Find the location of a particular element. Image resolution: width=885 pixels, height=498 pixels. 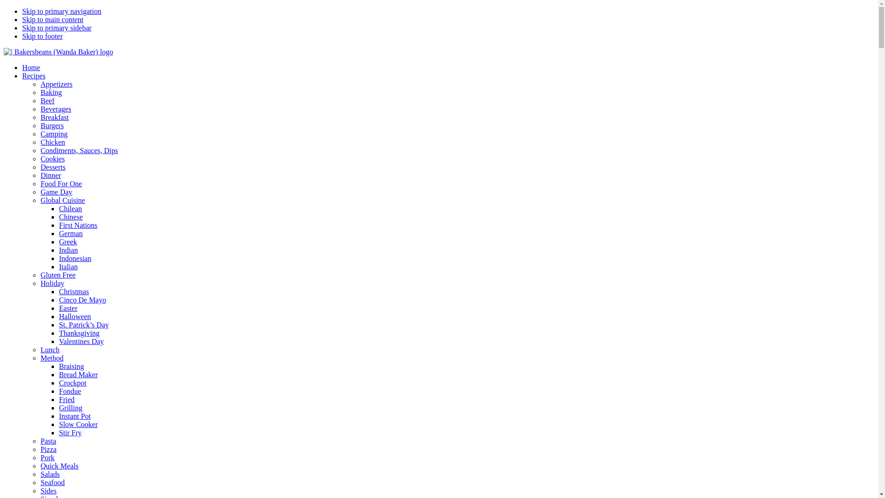

'Slow Cooker' is located at coordinates (78, 424).